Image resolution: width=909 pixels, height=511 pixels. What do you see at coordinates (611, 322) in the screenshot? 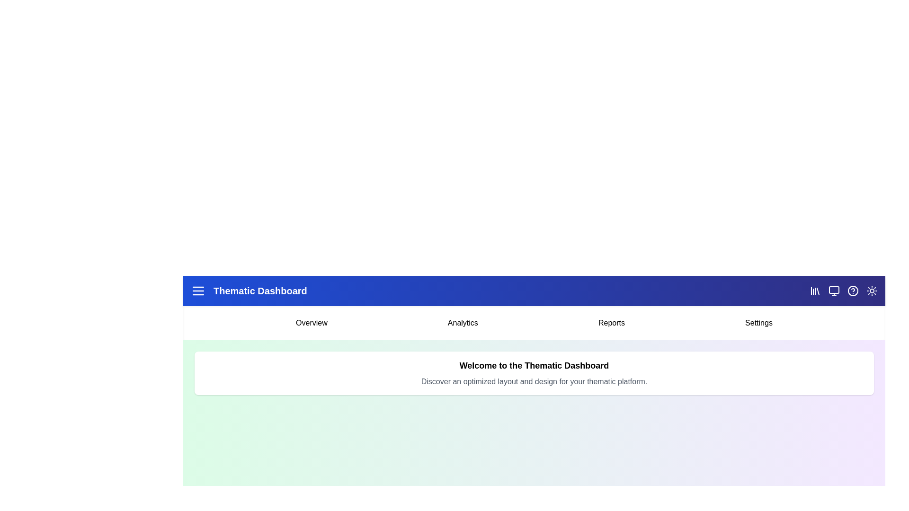
I see `the menu item Reports from the menu bar` at bounding box center [611, 322].